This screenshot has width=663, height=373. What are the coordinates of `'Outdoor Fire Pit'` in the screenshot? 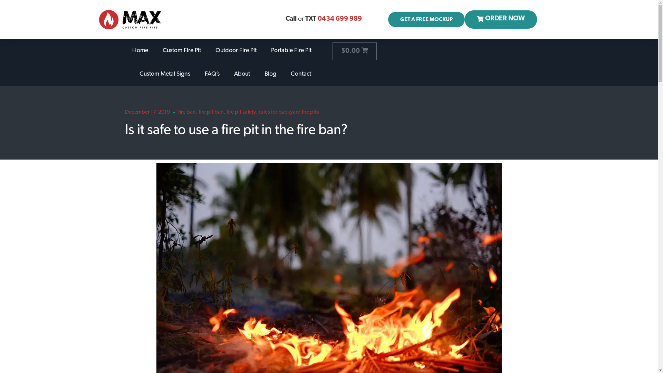 It's located at (236, 50).